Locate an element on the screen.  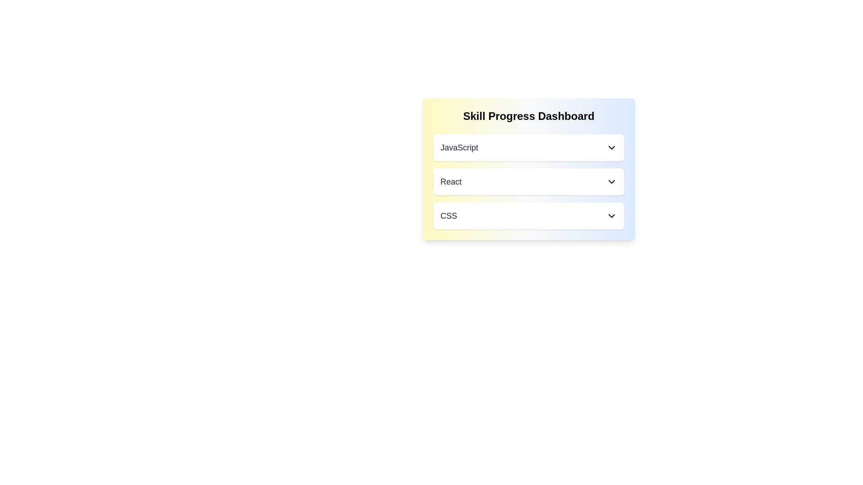
the 'React' skill dropdown entry in the skill progress dashboard is located at coordinates (529, 169).